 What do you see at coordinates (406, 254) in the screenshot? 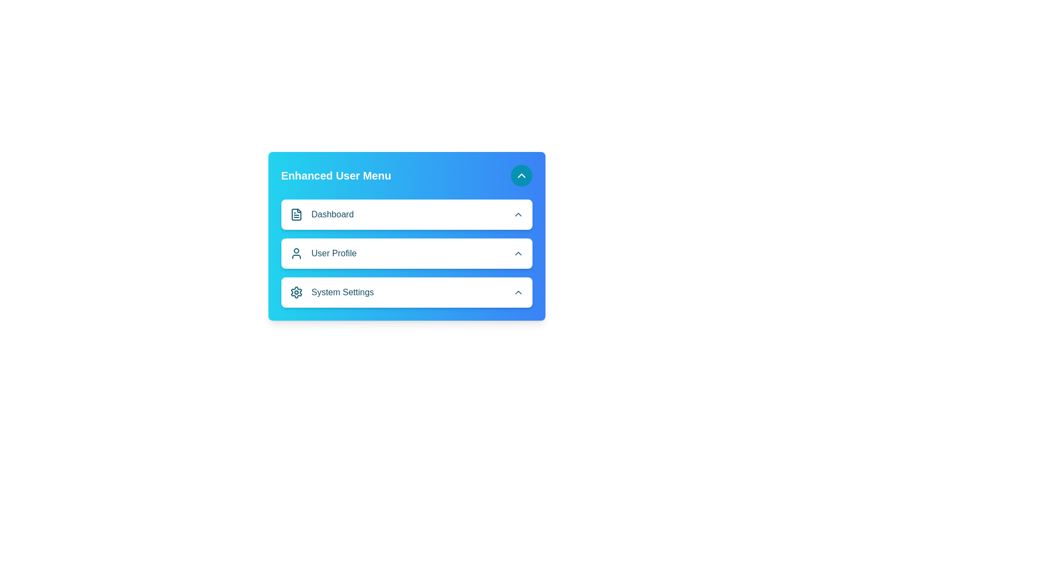
I see `the second menu item labeled 'User Profile' within the 'Enhanced User Menu'` at bounding box center [406, 254].